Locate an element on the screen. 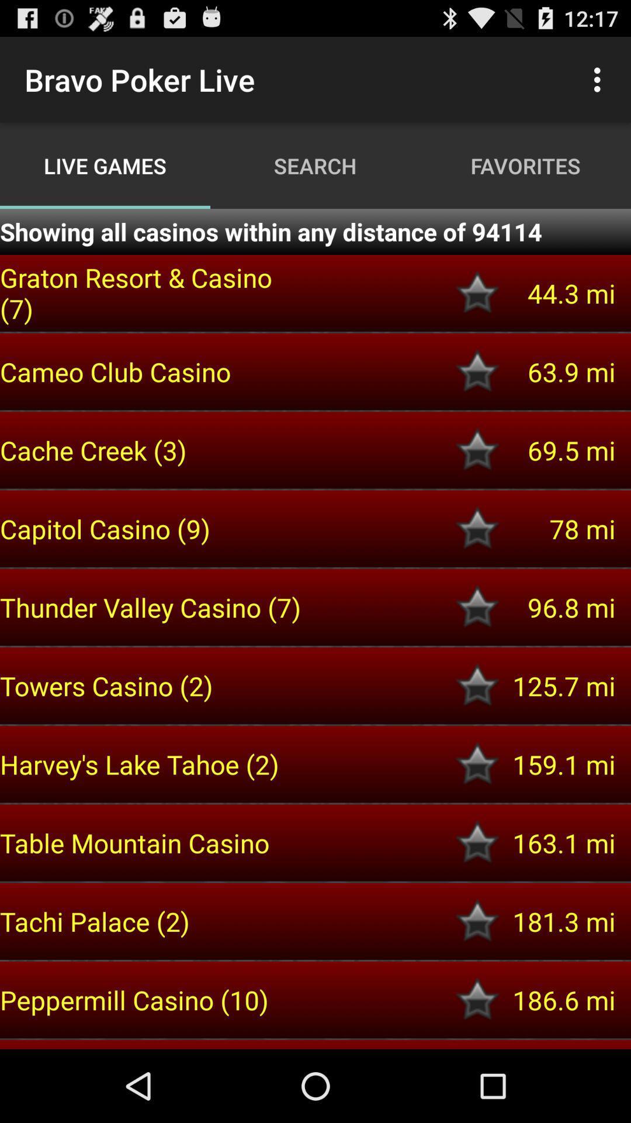  favorite is located at coordinates (477, 921).